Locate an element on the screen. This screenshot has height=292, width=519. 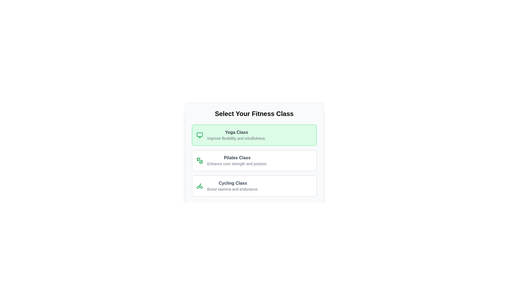
the third card in the vertical stack of fitness options is located at coordinates (254, 185).